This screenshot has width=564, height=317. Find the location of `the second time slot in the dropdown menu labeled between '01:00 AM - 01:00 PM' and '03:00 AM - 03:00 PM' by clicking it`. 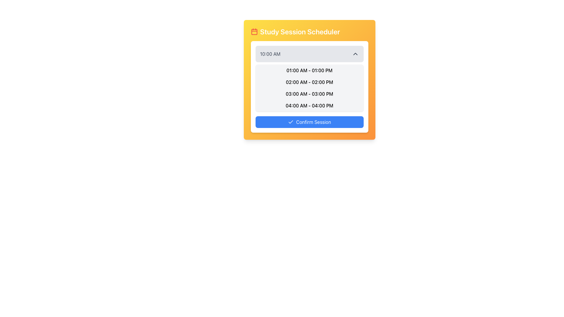

the second time slot in the dropdown menu labeled between '01:00 AM - 01:00 PM' and '03:00 AM - 03:00 PM' by clicking it is located at coordinates (309, 82).